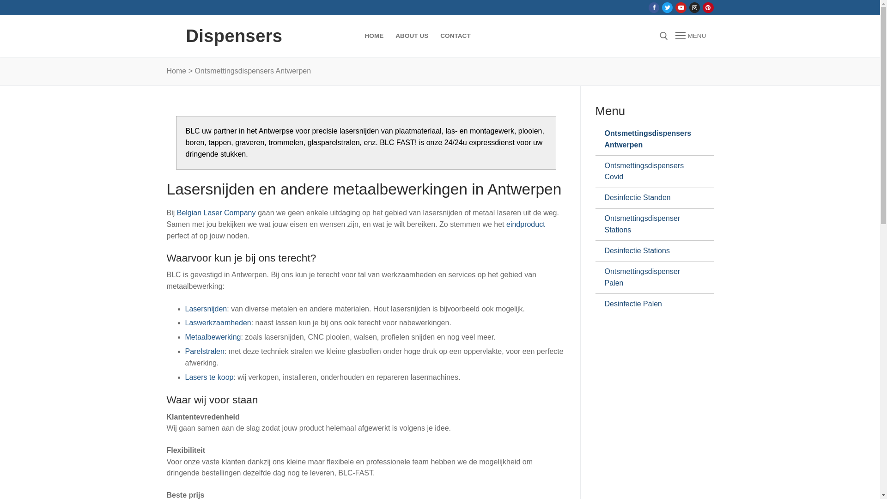 The image size is (887, 499). Describe the element at coordinates (208, 377) in the screenshot. I see `'Lasers te koop'` at that location.